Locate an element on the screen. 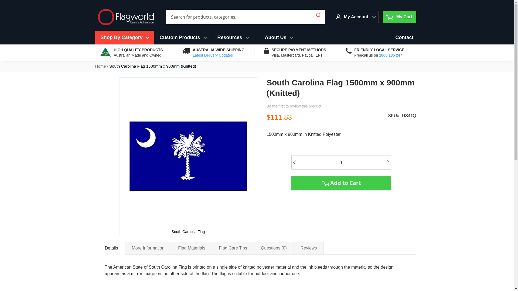  'My Account' is located at coordinates (352, 16).